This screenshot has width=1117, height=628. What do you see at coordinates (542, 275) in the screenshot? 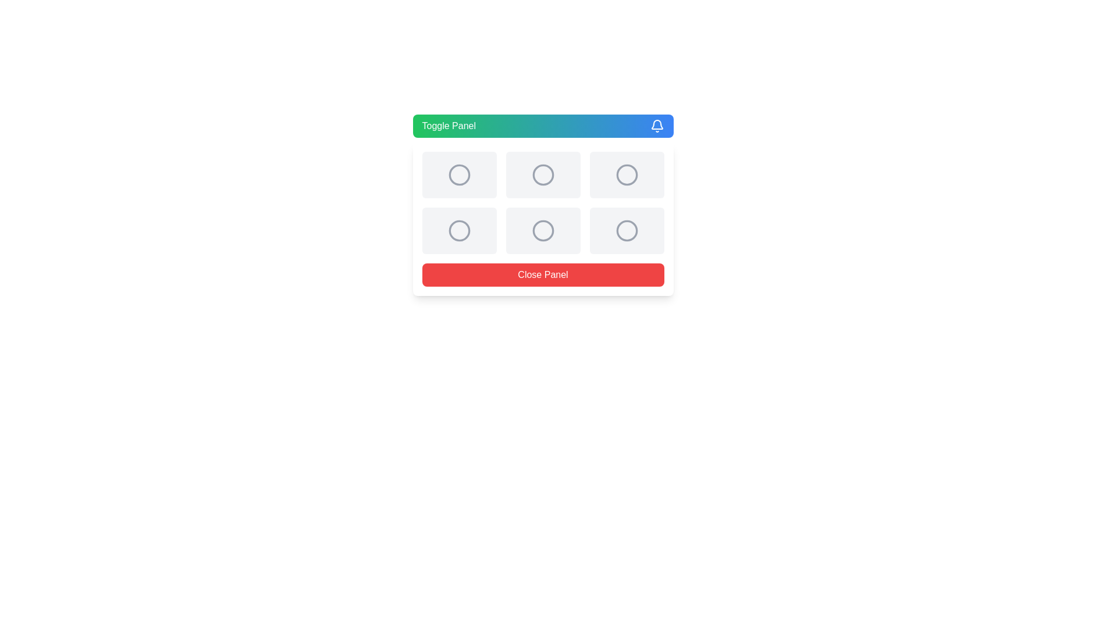
I see `the 'Close Panel' button, which is a rectangular button with a red background and white text, located at the bottom of a white panel` at bounding box center [542, 275].